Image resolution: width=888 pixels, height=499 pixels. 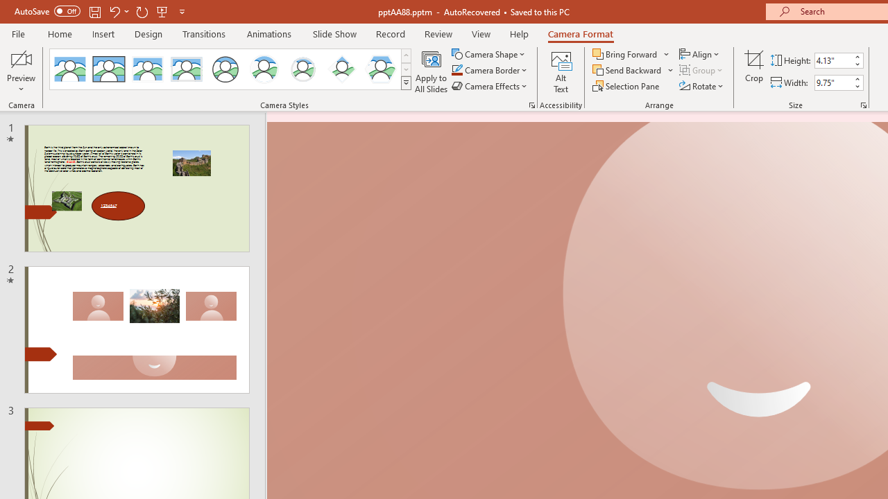 What do you see at coordinates (185, 69) in the screenshot?
I see `'Soft Edge Rectangle'` at bounding box center [185, 69].